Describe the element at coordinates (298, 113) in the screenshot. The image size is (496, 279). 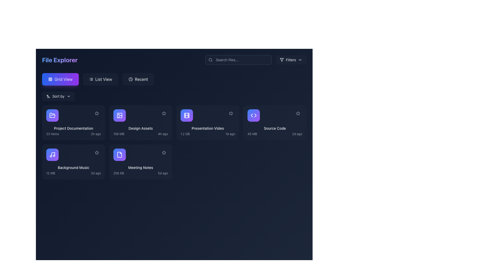
I see `the star-shaped icon button` at that location.